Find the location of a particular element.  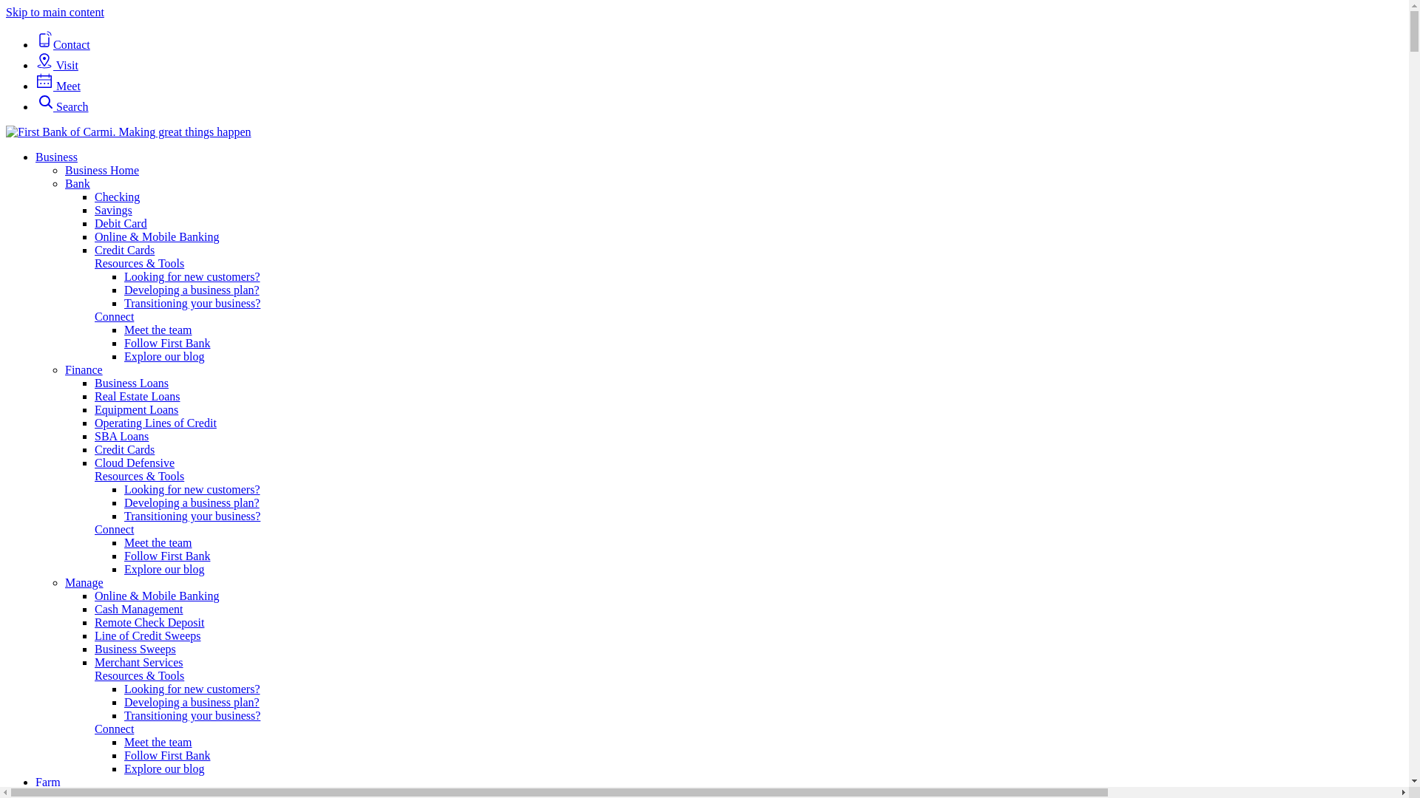

'Credit Cards' is located at coordinates (124, 449).